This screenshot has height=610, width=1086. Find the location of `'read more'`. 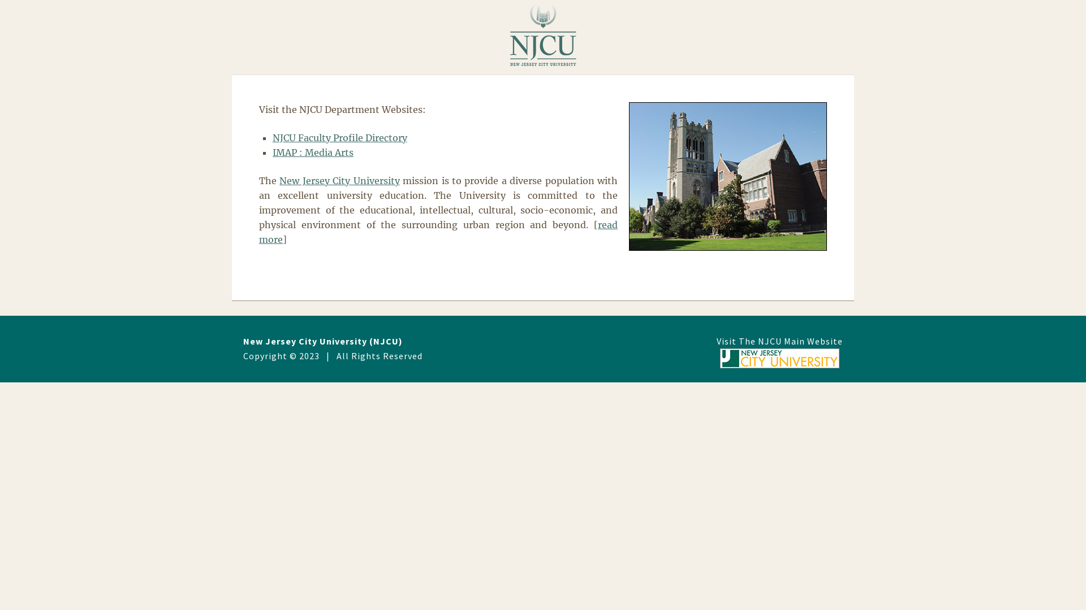

'read more' is located at coordinates (437, 232).